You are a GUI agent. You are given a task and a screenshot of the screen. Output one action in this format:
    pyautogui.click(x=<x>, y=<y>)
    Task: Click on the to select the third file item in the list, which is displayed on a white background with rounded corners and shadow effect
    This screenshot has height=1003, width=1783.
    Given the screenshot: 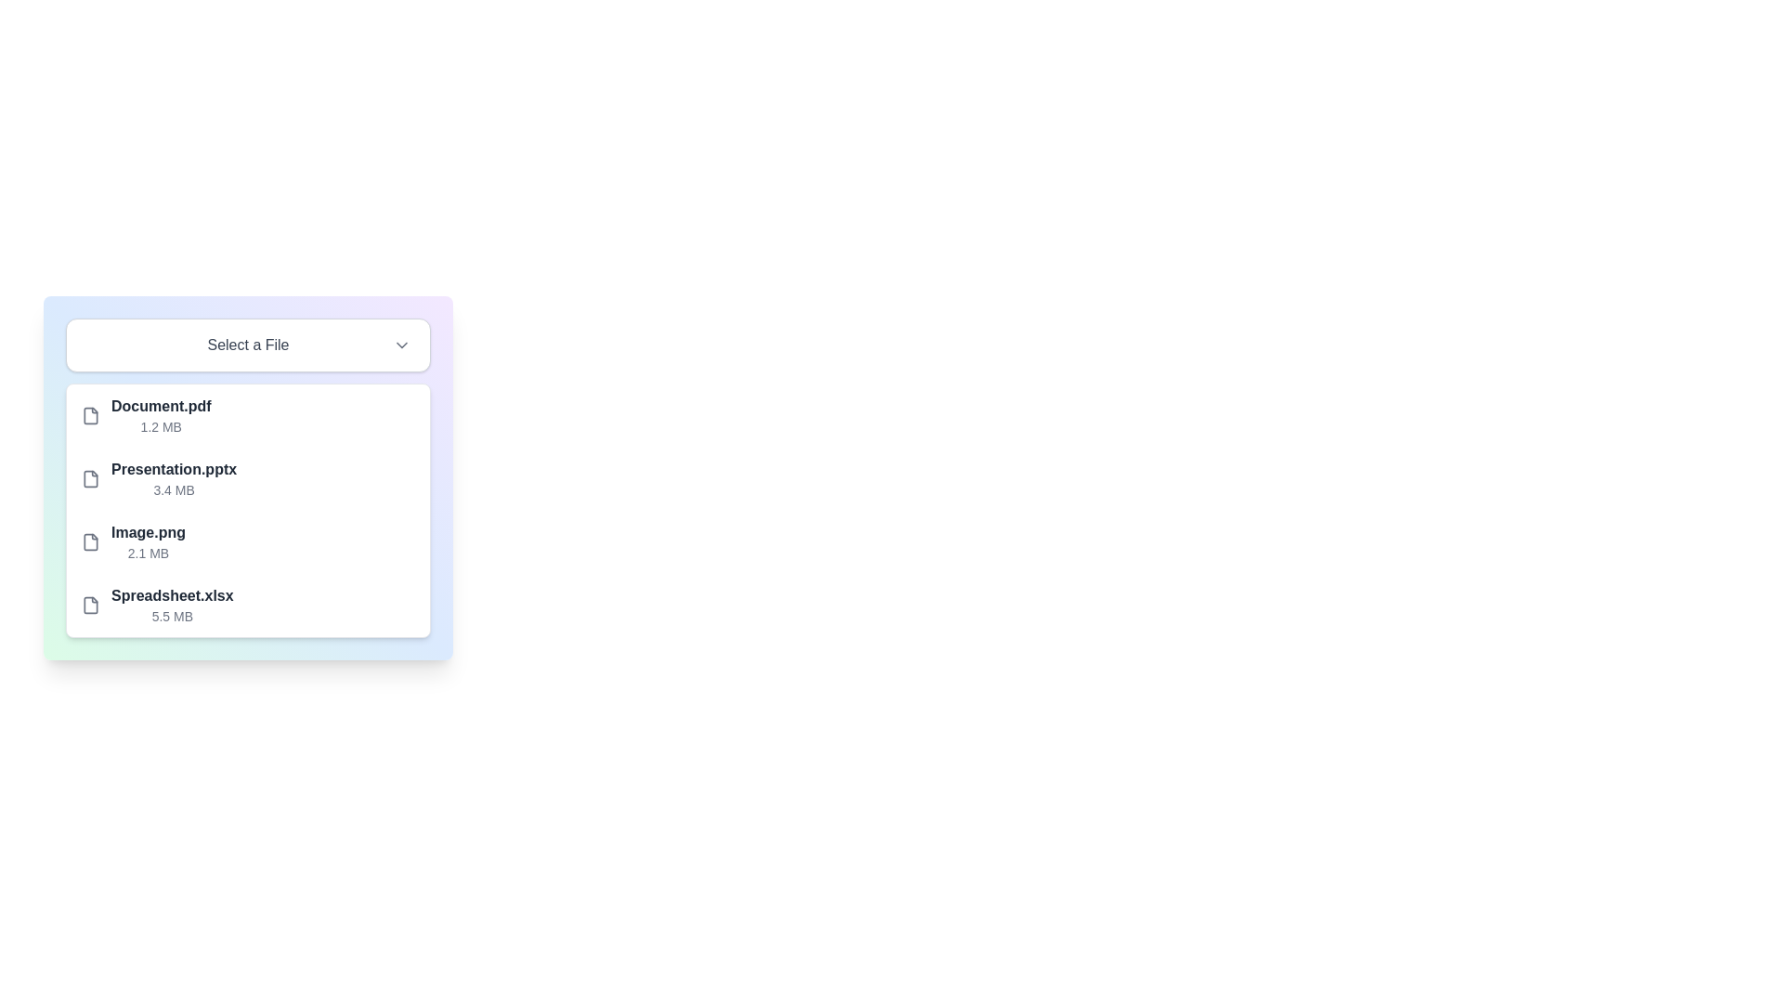 What is the action you would take?
    pyautogui.click(x=247, y=511)
    